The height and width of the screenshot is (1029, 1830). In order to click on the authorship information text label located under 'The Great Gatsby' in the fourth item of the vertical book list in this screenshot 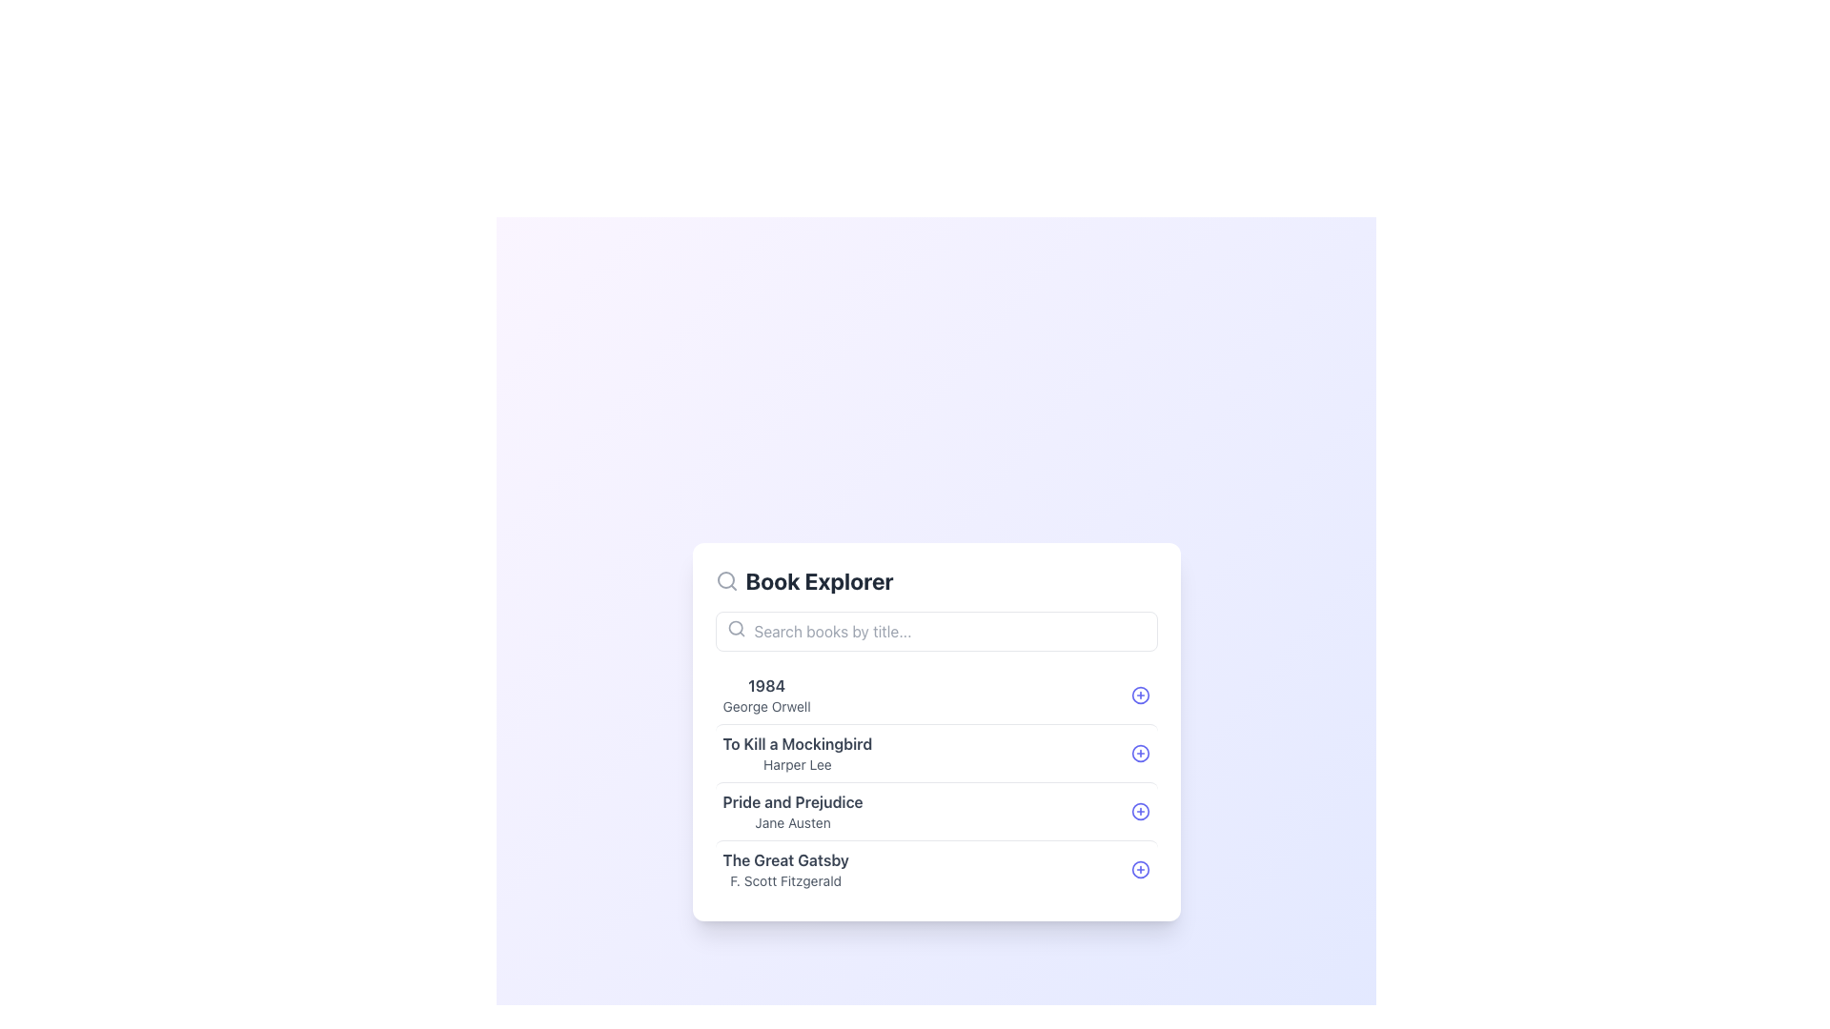, I will do `click(785, 880)`.